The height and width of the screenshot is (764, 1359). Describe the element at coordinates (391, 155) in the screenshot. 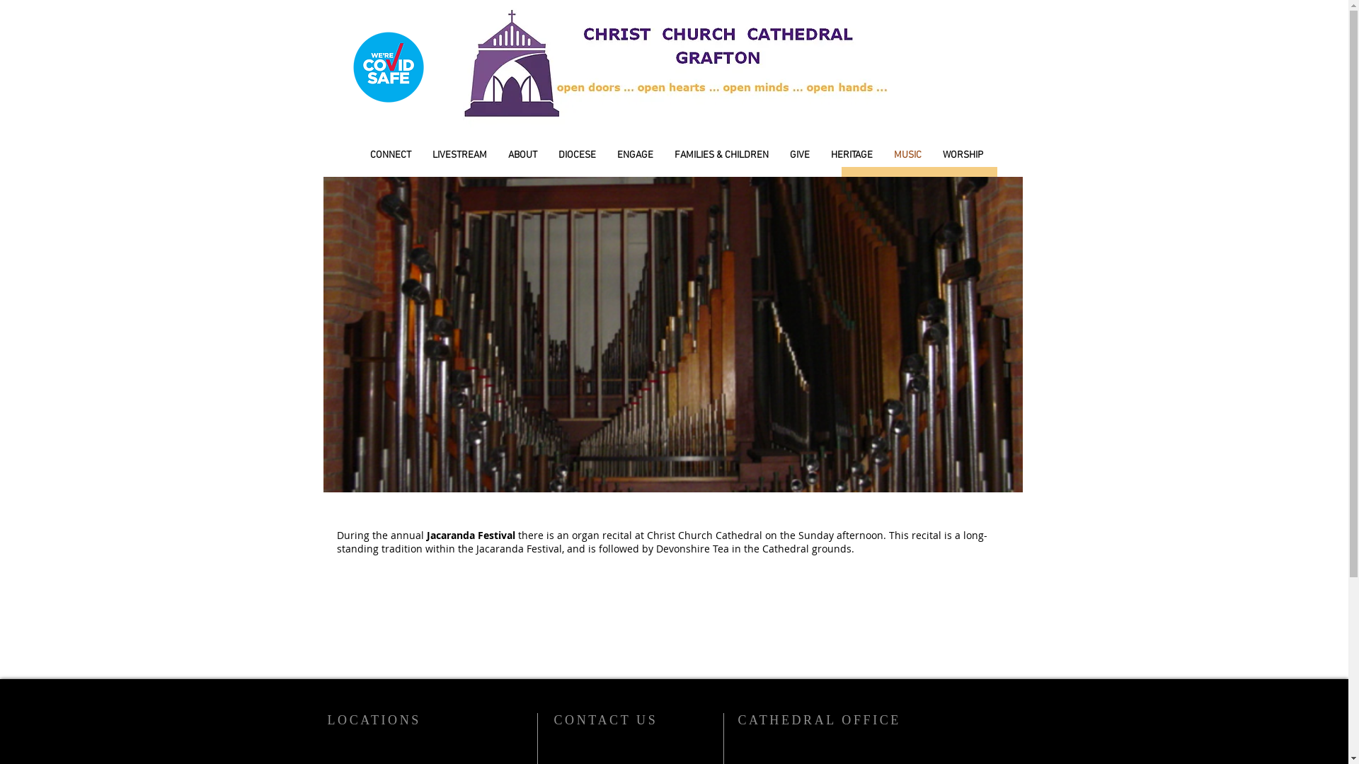

I see `'CONNECT'` at that location.